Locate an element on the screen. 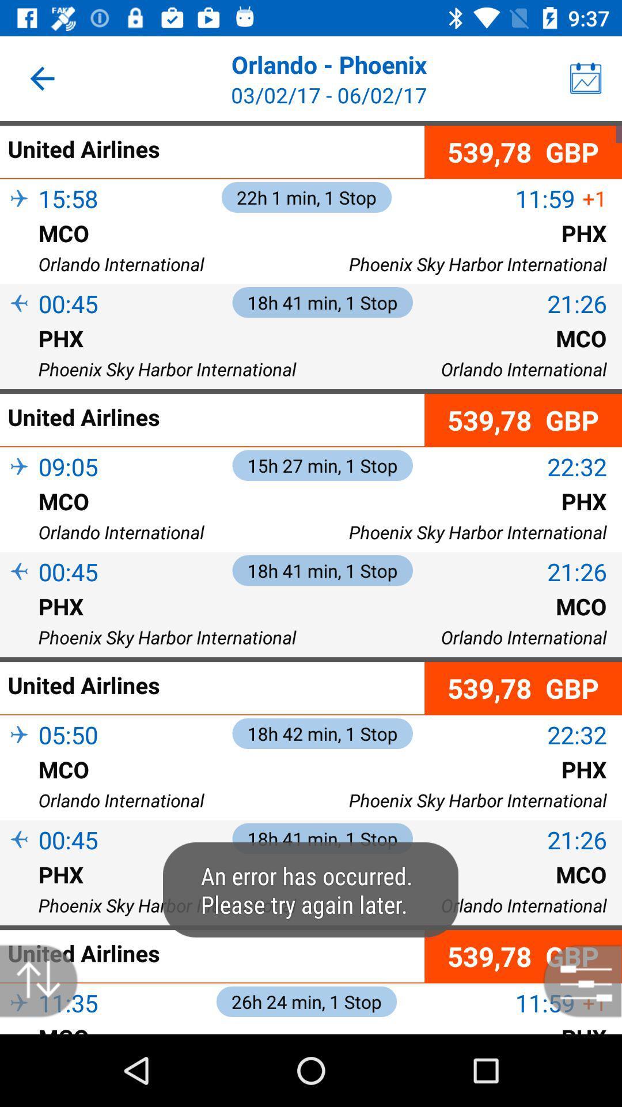  the icon on the top right corner of the page is located at coordinates (586, 78).